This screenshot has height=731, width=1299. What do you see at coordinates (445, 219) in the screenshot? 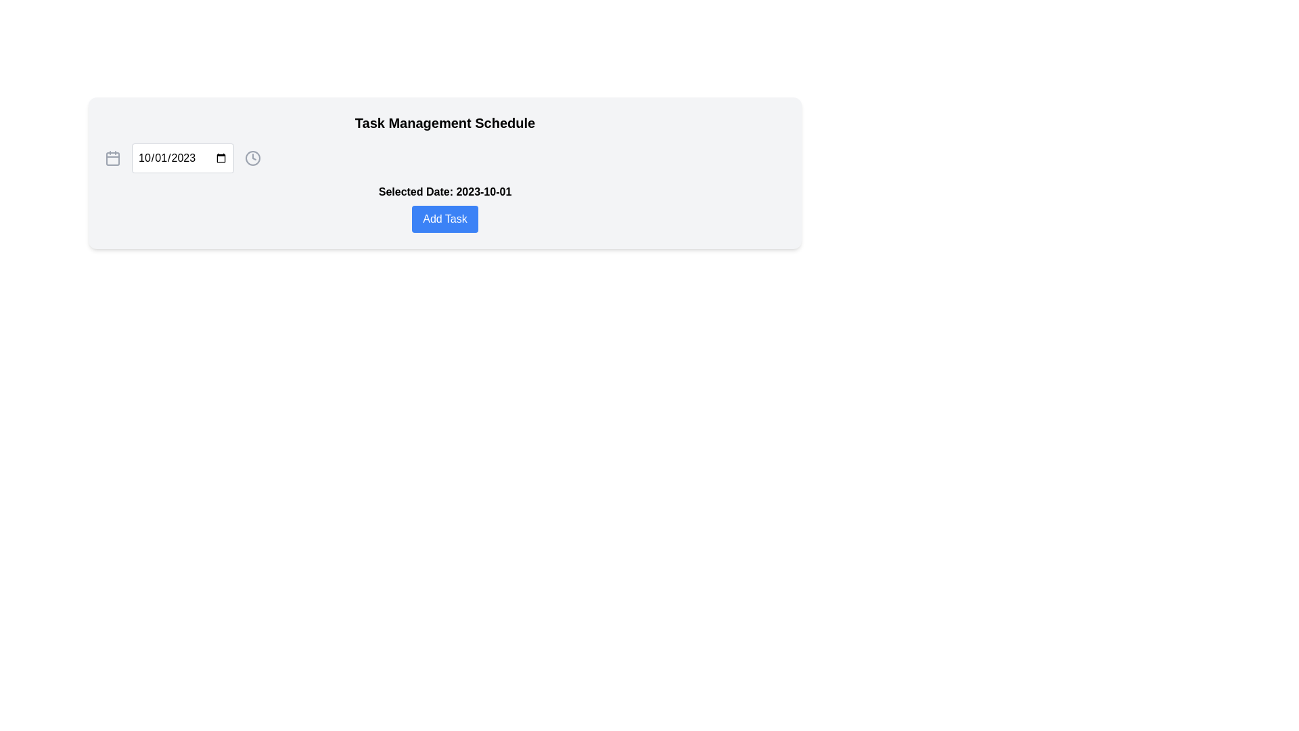
I see `the 'Add Task' button located below the text 'Selected Date: 2023-10-01' in the 'Task Management Schedule' section to change its color` at bounding box center [445, 219].